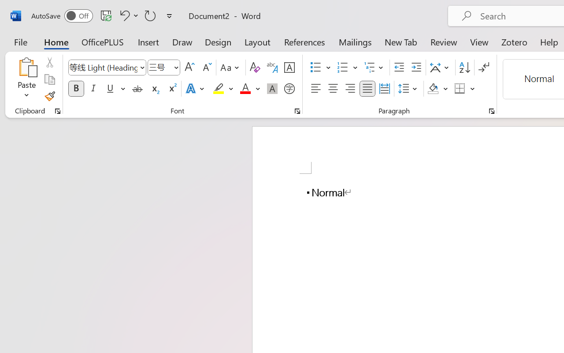  I want to click on 'Font Color', so click(249, 89).